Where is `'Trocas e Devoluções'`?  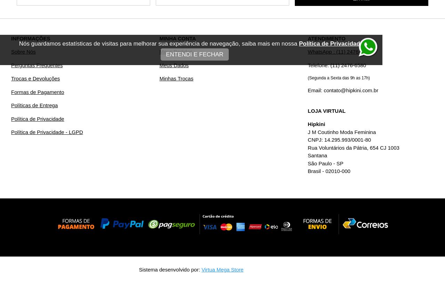 'Trocas e Devoluções' is located at coordinates (35, 78).